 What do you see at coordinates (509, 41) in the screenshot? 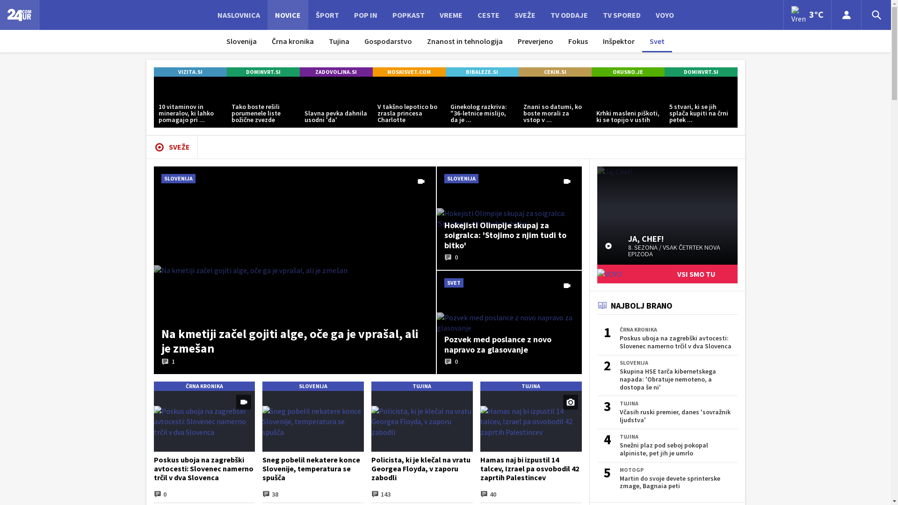
I see `'Preverjeno'` at bounding box center [509, 41].